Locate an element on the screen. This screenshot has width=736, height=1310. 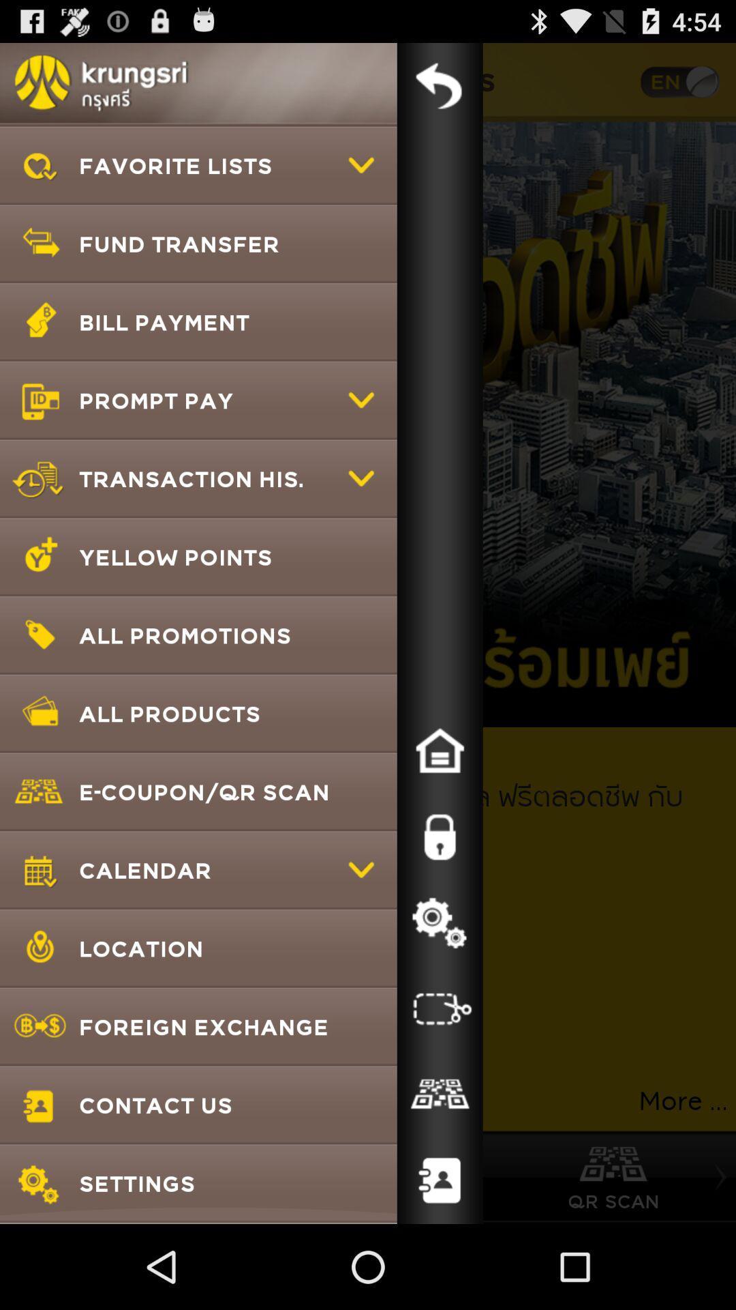
unlock calendar option is located at coordinates (440, 836).